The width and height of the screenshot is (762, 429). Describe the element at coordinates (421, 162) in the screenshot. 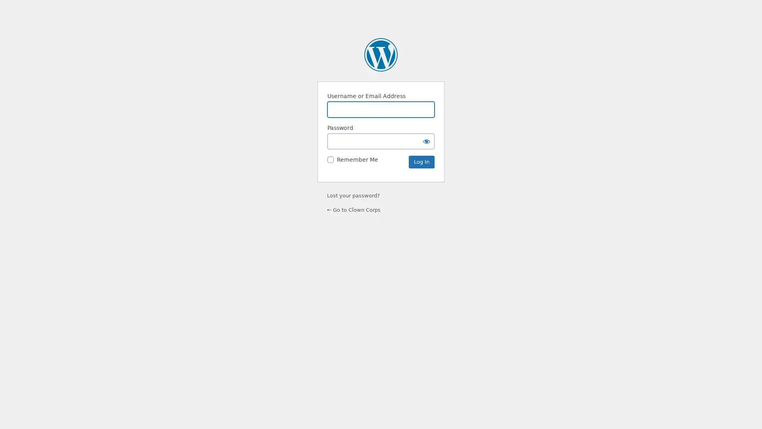

I see `Log In` at that location.